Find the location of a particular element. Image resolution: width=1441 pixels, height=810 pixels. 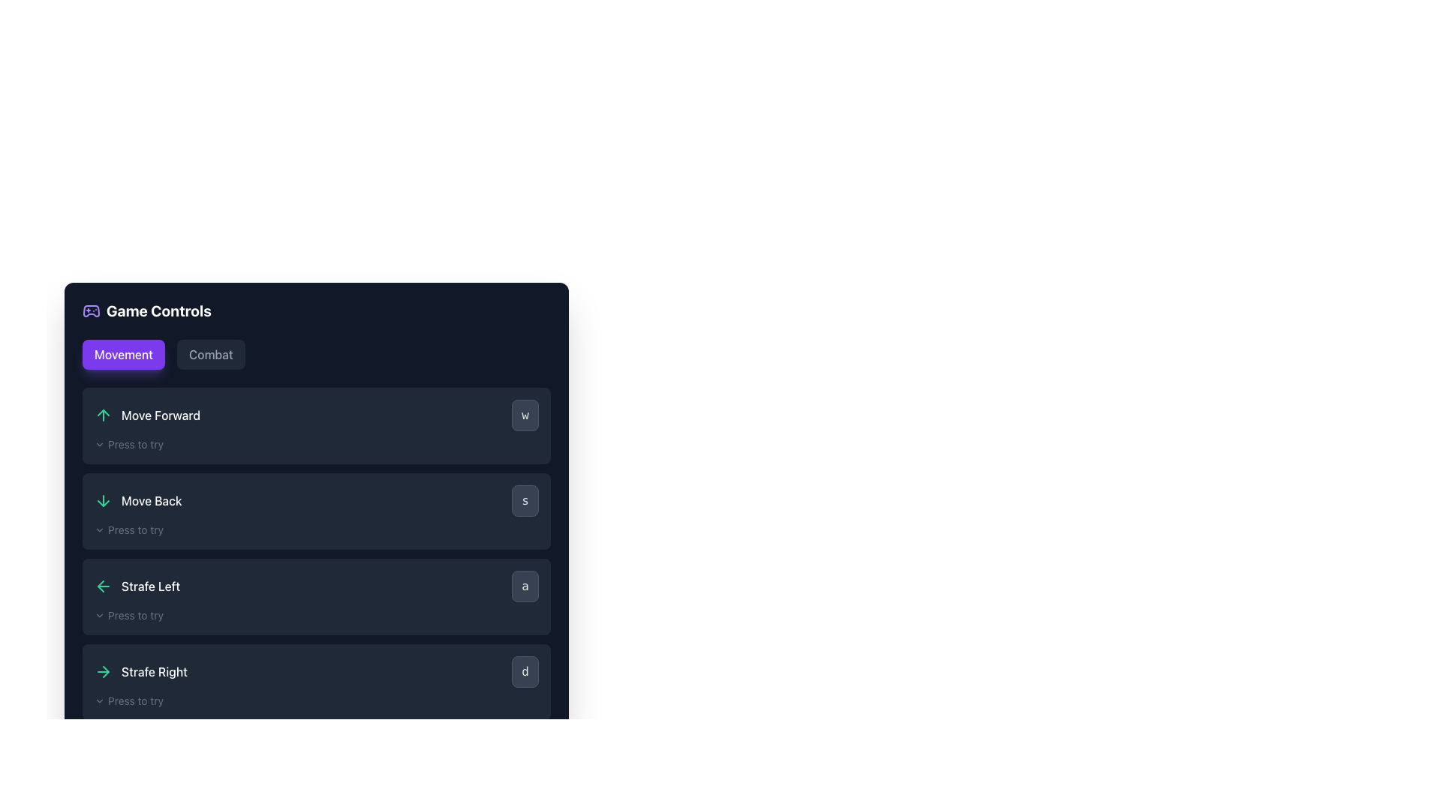

the informational card labeled 'Strafe Left', which is the third interactive control in the 'Movement' section of the 'Game Controls' is located at coordinates (316, 595).